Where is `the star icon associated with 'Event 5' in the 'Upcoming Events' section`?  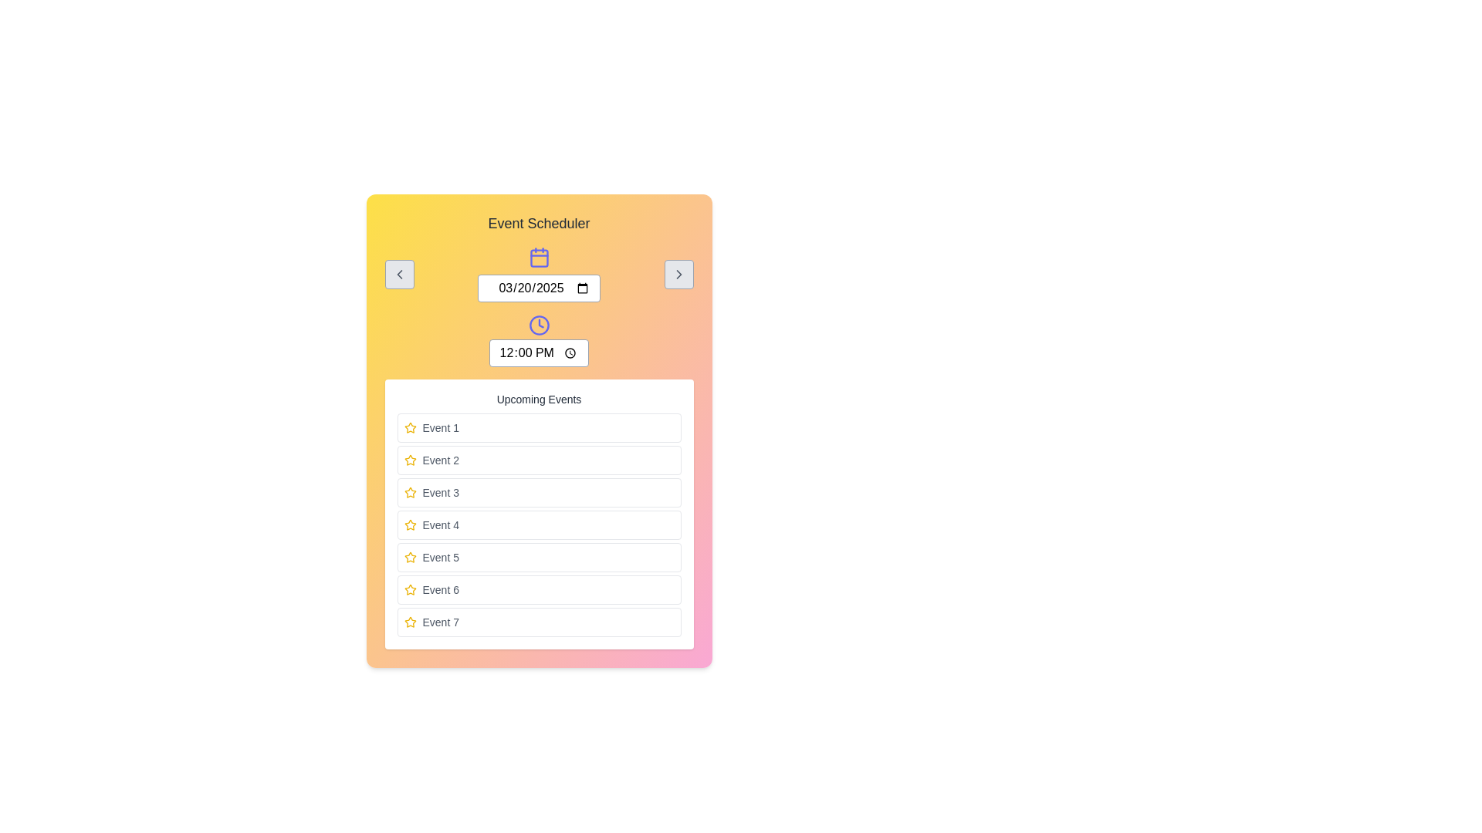 the star icon associated with 'Event 5' in the 'Upcoming Events' section is located at coordinates (410, 557).